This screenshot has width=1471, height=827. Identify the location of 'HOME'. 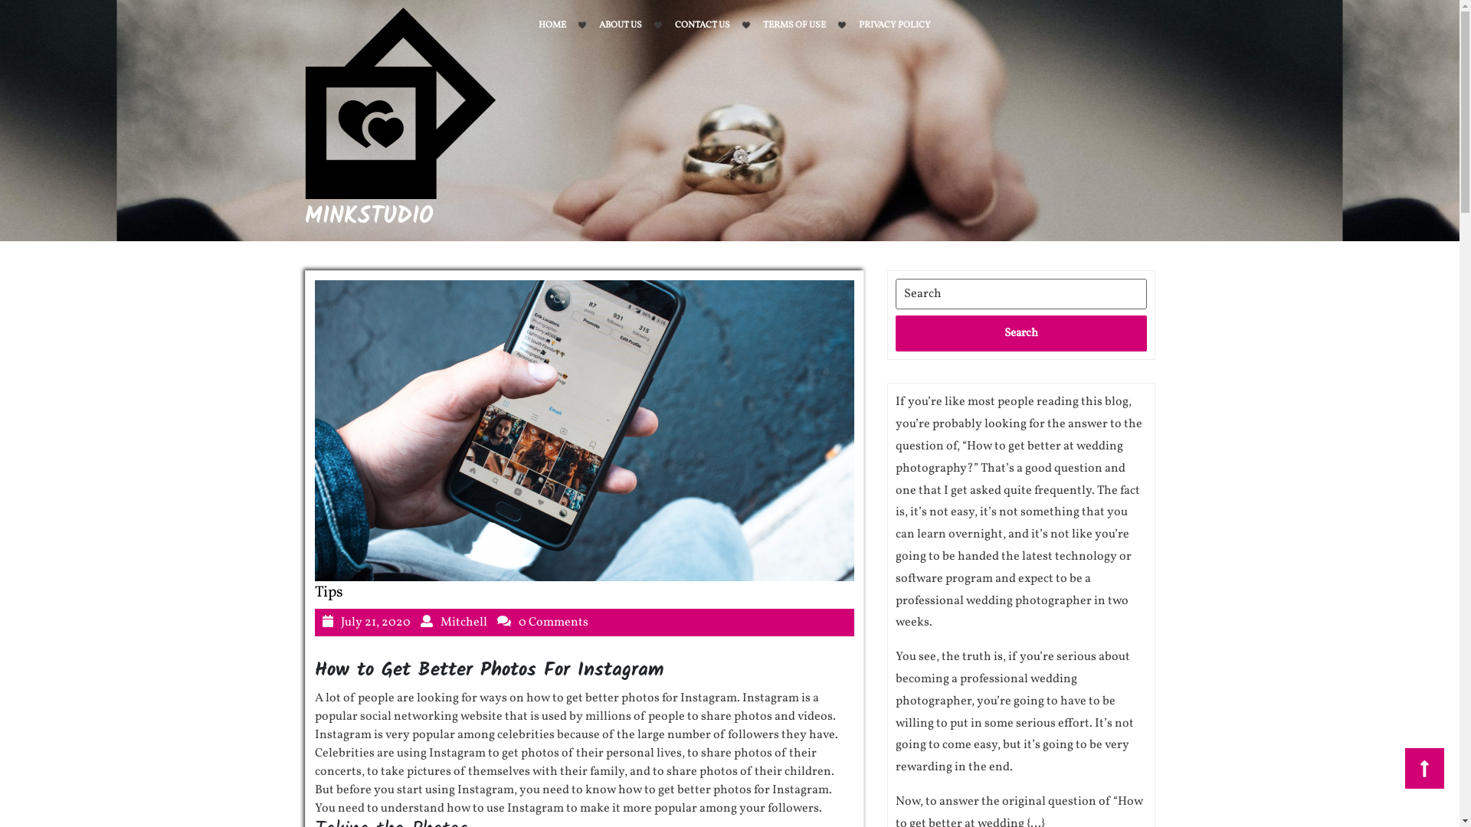
(552, 25).